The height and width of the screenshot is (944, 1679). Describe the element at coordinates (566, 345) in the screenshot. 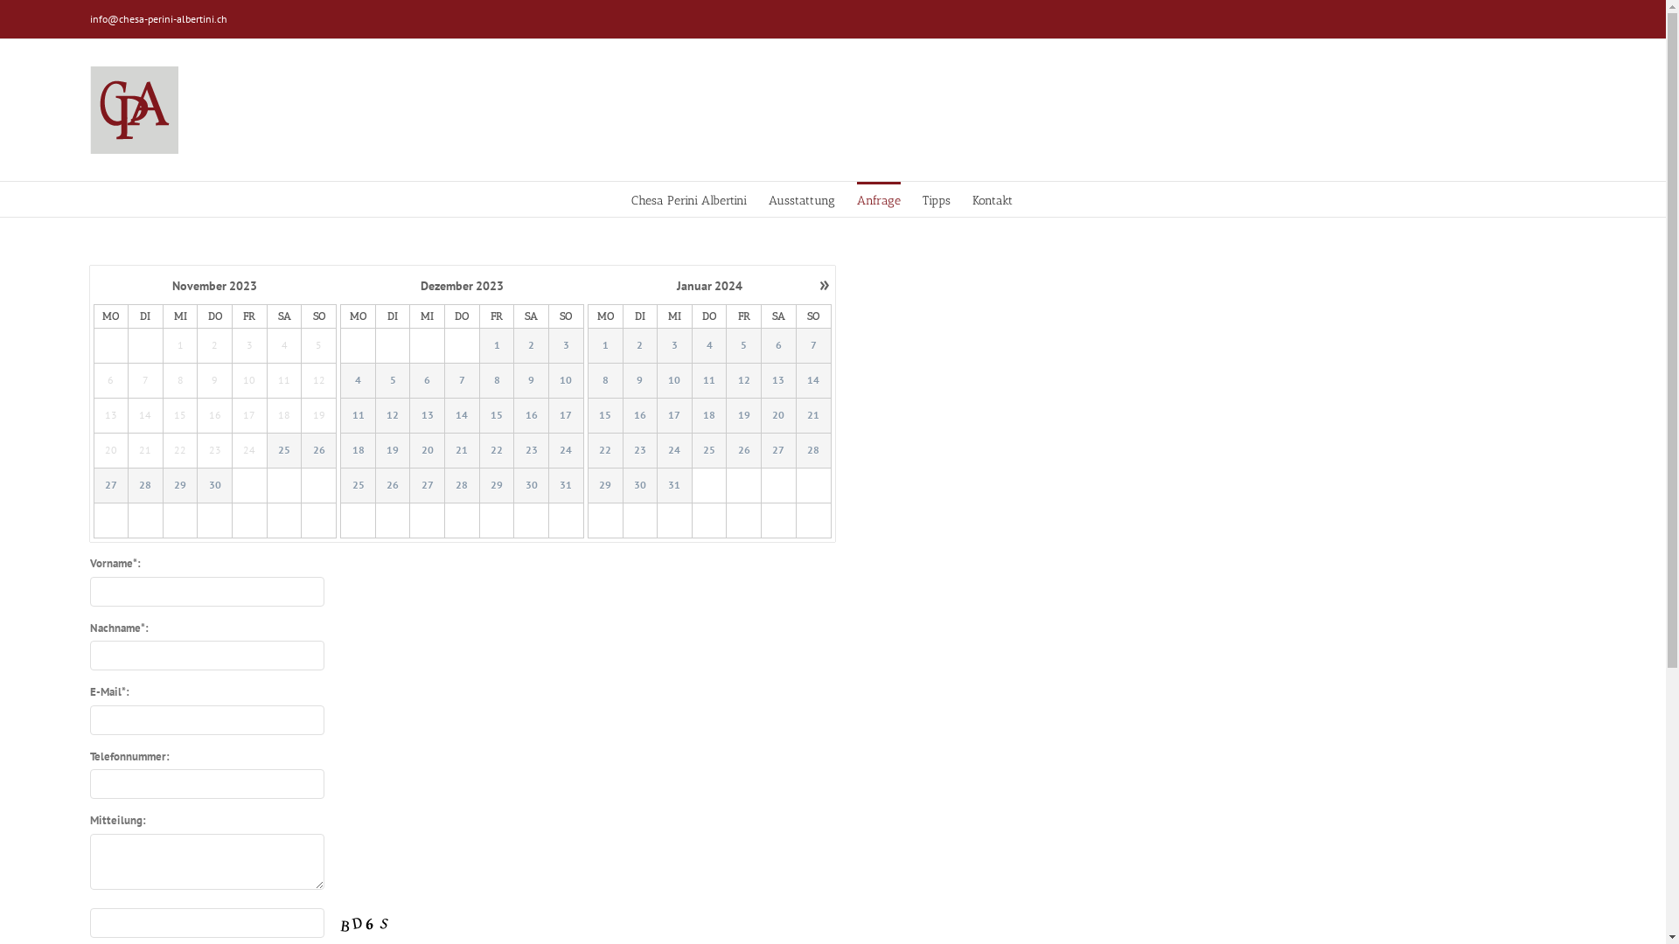

I see `'3'` at that location.